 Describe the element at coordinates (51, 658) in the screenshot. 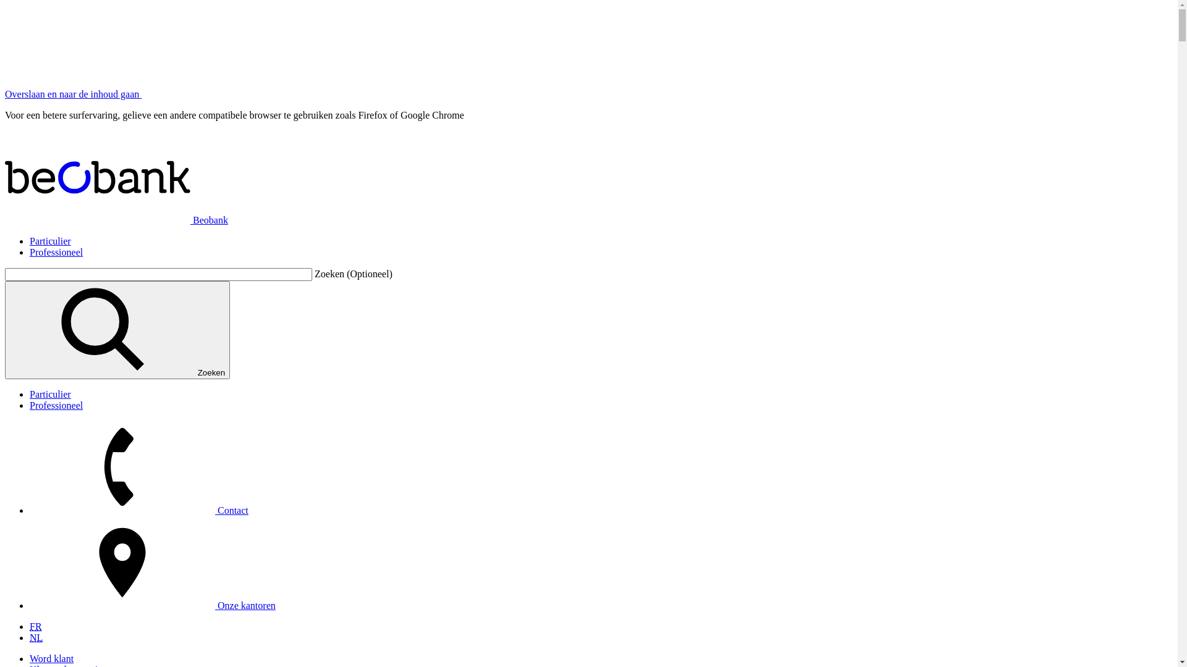

I see `'Word klant'` at that location.